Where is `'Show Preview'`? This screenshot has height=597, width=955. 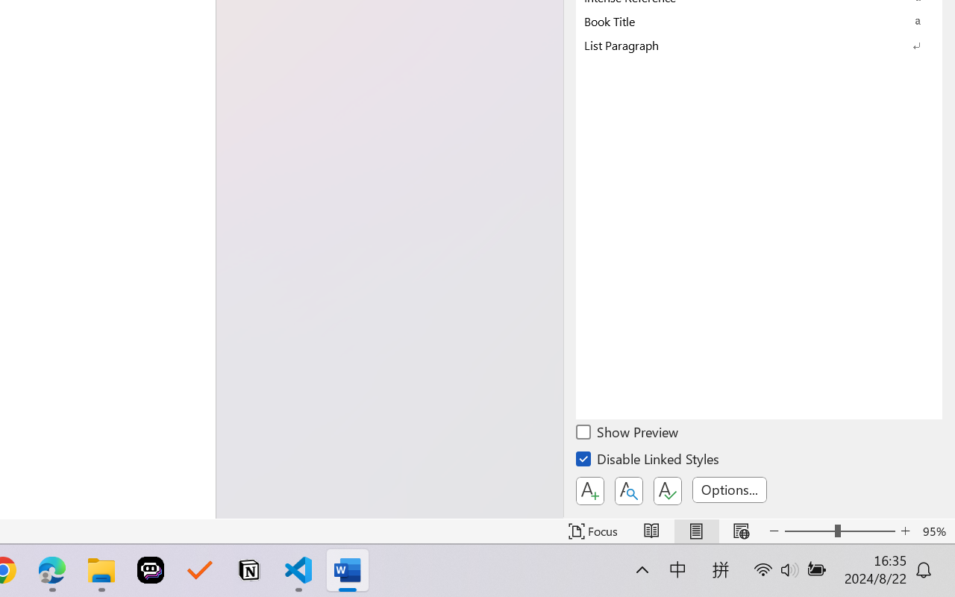
'Show Preview' is located at coordinates (628, 434).